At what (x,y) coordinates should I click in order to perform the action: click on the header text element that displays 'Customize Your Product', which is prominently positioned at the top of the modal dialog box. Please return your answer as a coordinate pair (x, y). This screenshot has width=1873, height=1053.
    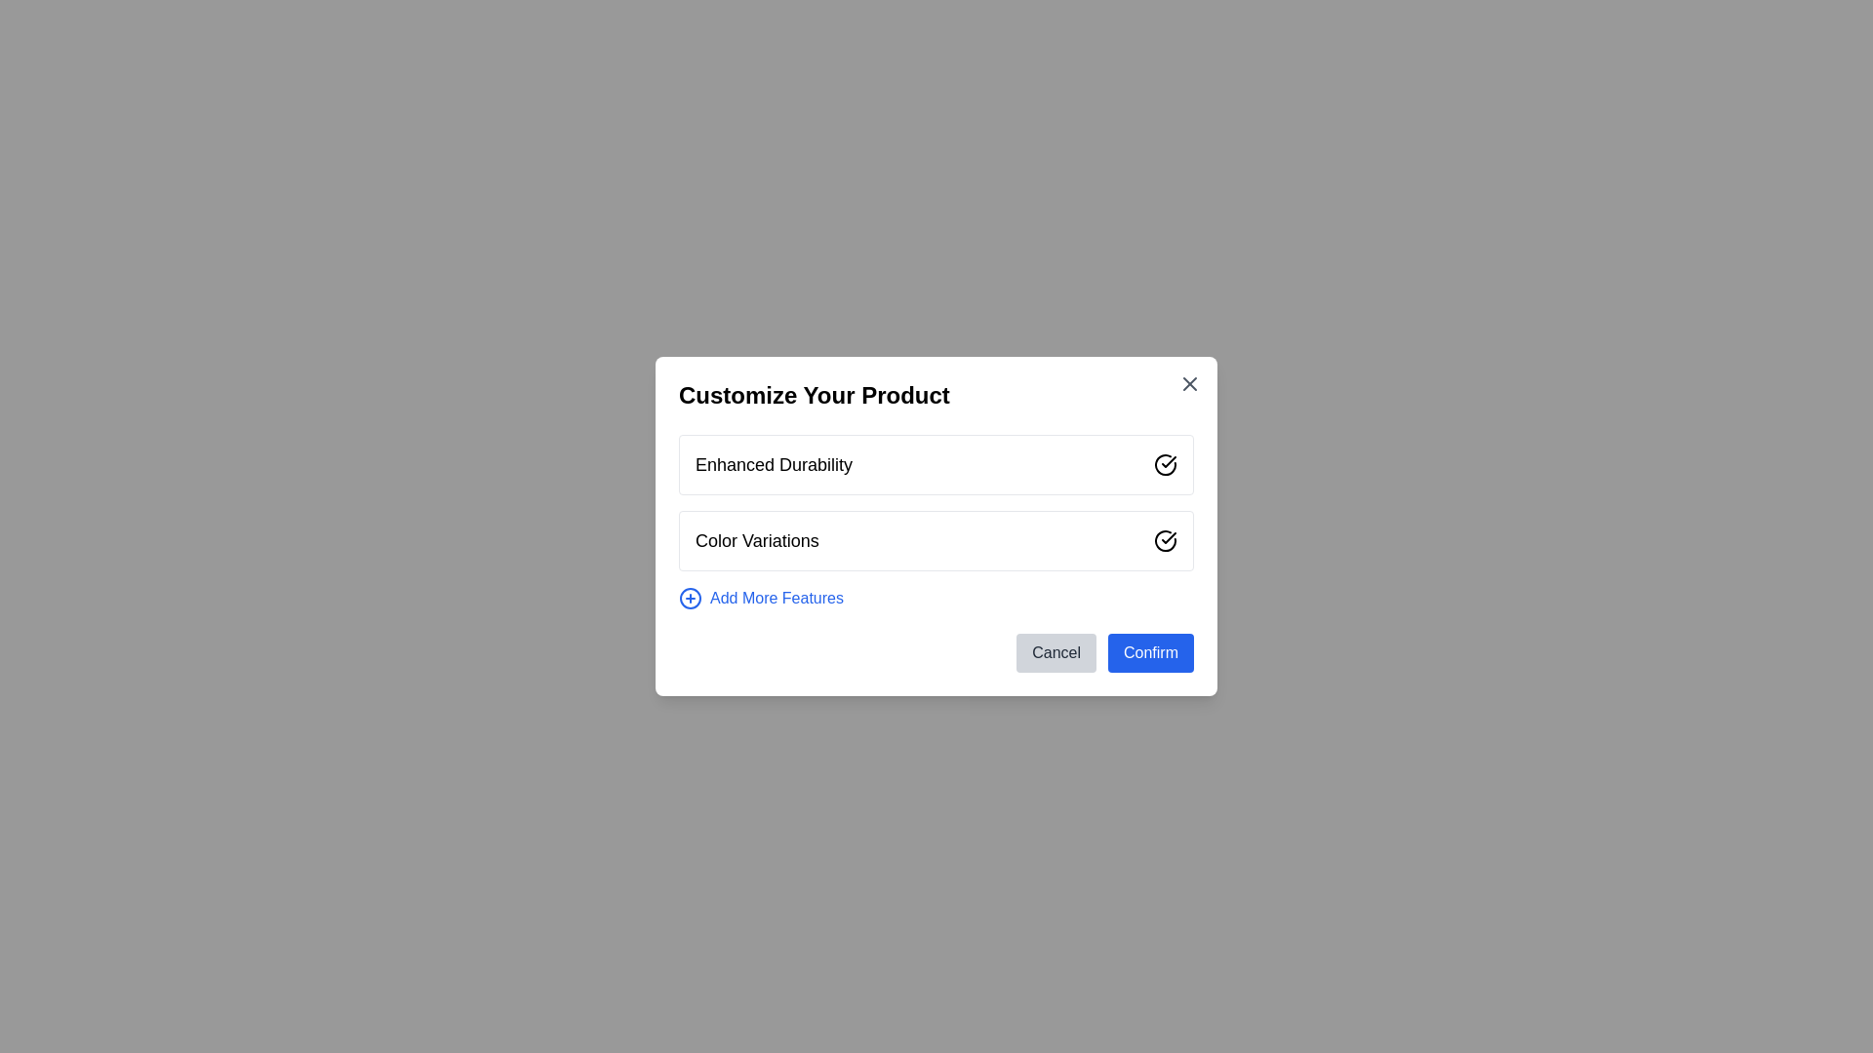
    Looking at the image, I should click on (814, 395).